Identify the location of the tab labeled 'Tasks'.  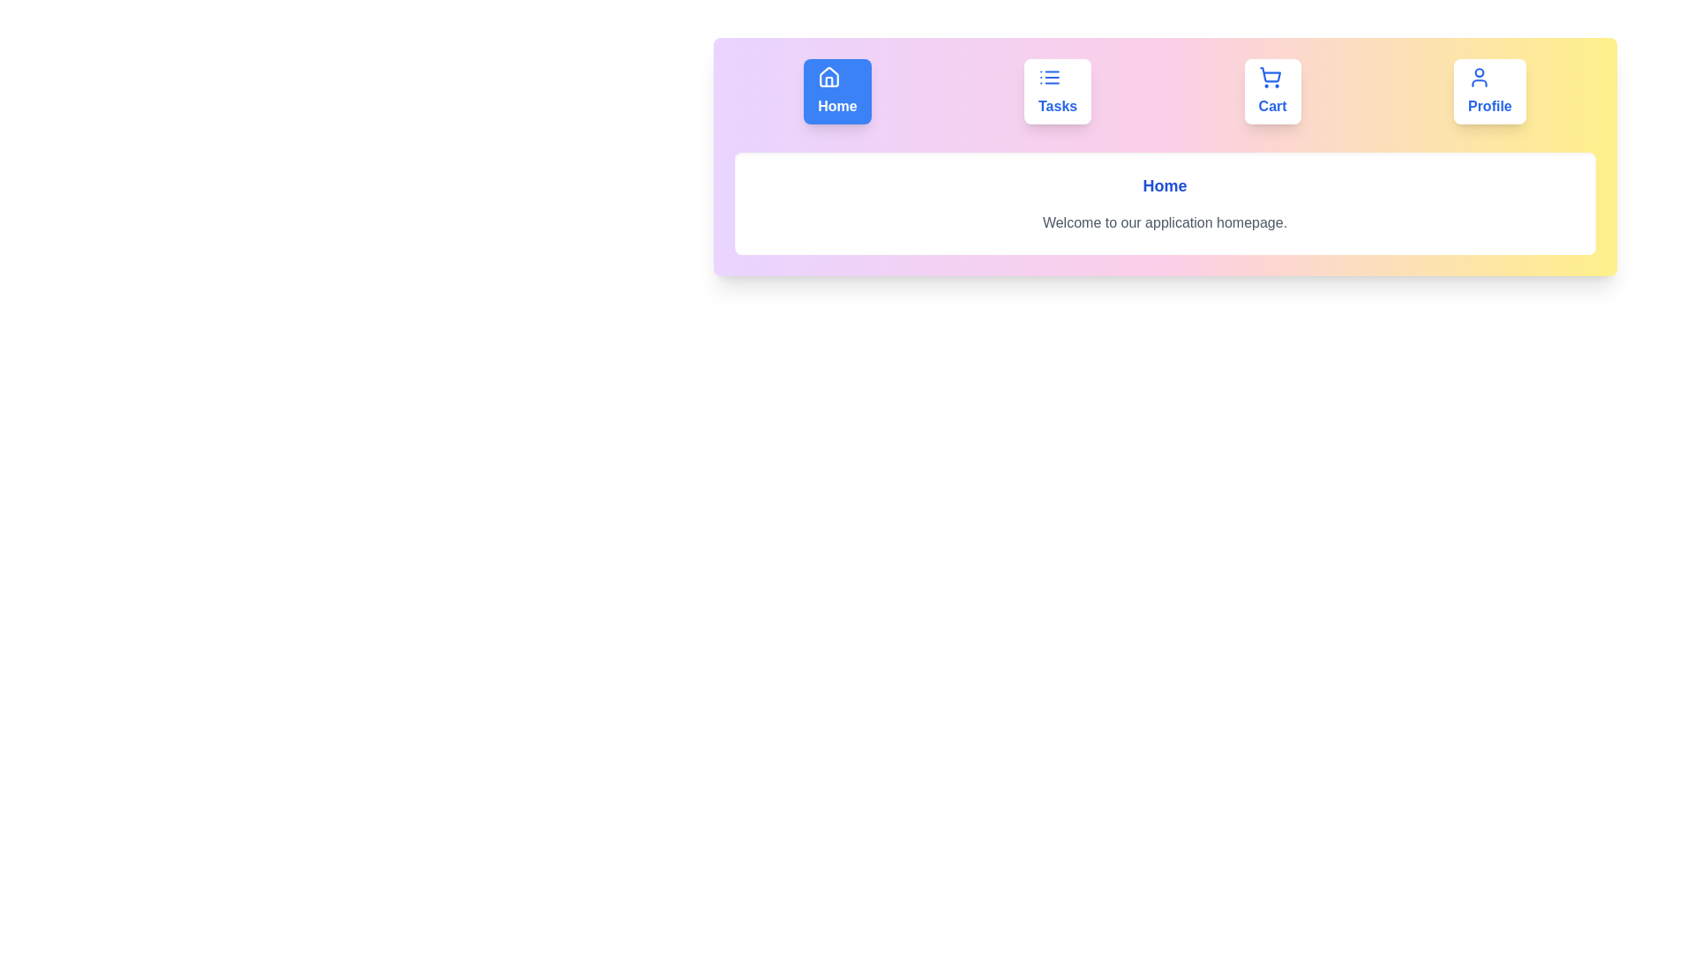
(1058, 92).